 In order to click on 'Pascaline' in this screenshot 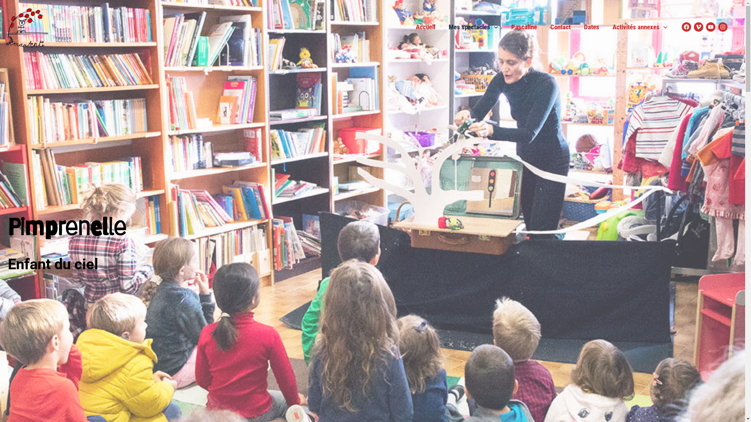, I will do `click(524, 27)`.